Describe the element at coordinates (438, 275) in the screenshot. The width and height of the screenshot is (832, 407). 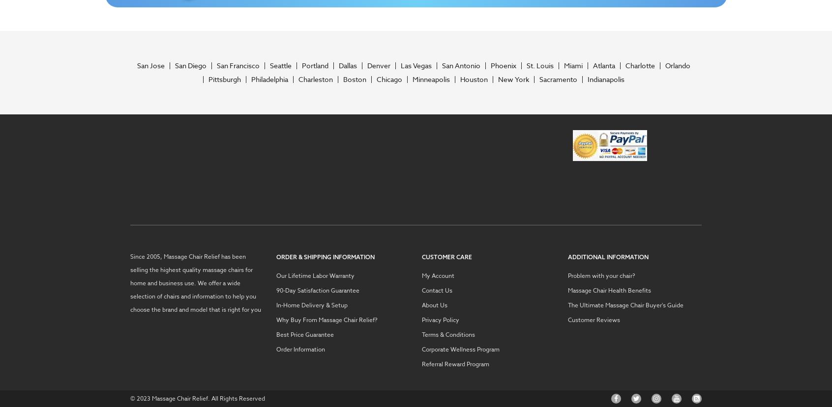
I see `'My Account'` at that location.